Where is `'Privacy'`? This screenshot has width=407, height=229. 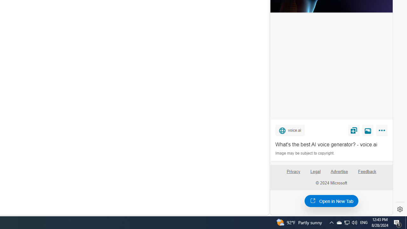
'Privacy' is located at coordinates (293, 174).